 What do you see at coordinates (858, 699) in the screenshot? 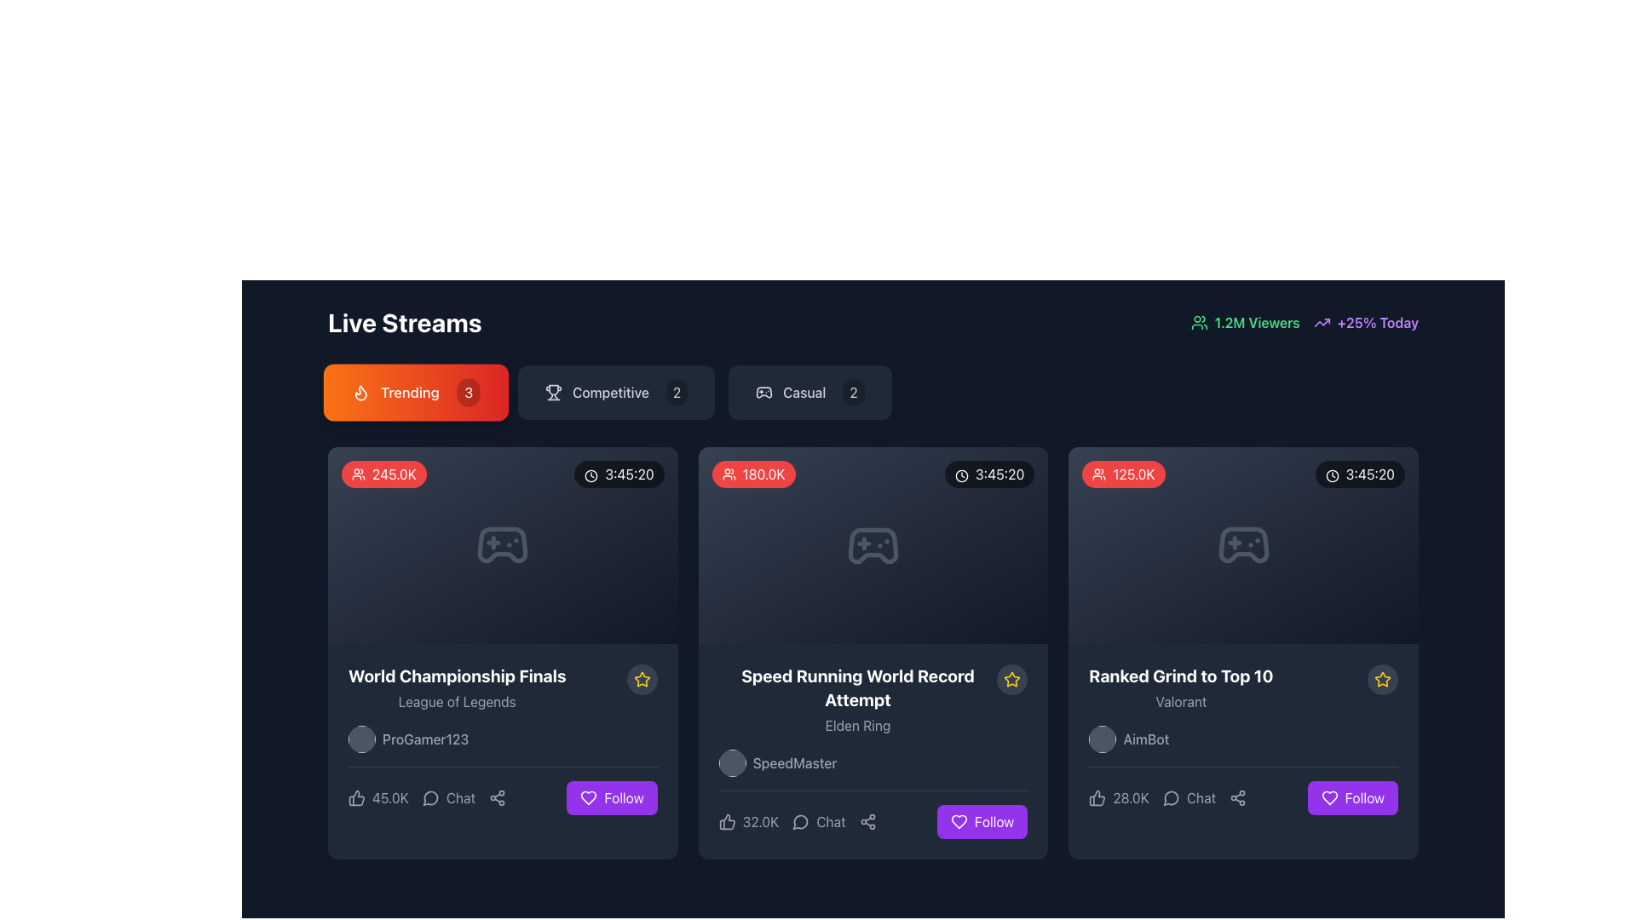
I see `the text block displaying the title and subtitle of the live stream, which is located below the image of a game controller in the middle card of a three-card layout` at bounding box center [858, 699].